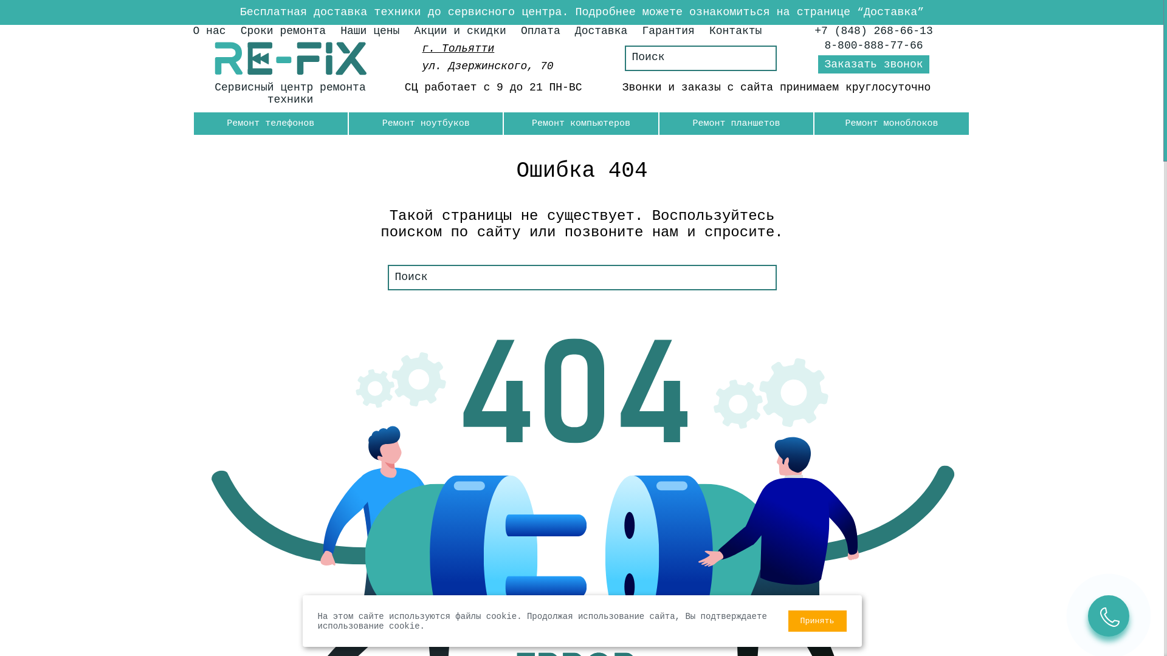 This screenshot has height=656, width=1167. What do you see at coordinates (873, 44) in the screenshot?
I see `'8-800-888-77-66'` at bounding box center [873, 44].